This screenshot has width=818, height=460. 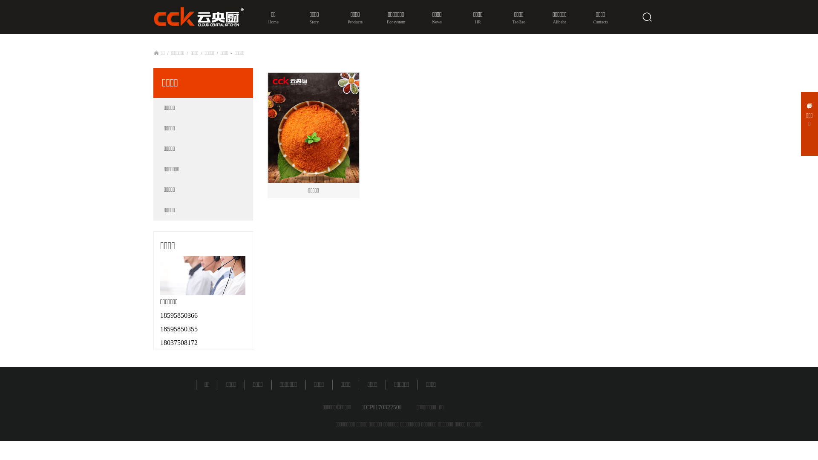 What do you see at coordinates (179, 328) in the screenshot?
I see `'18595850355'` at bounding box center [179, 328].